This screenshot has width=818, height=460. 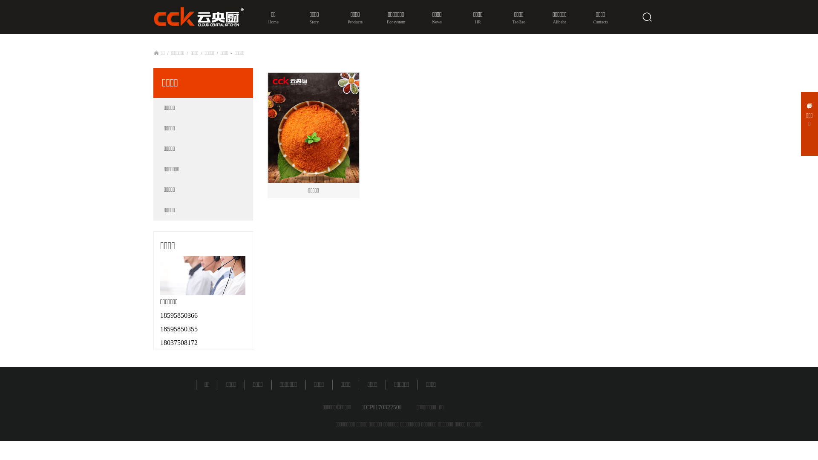 What do you see at coordinates (179, 328) in the screenshot?
I see `'18595850355'` at bounding box center [179, 328].